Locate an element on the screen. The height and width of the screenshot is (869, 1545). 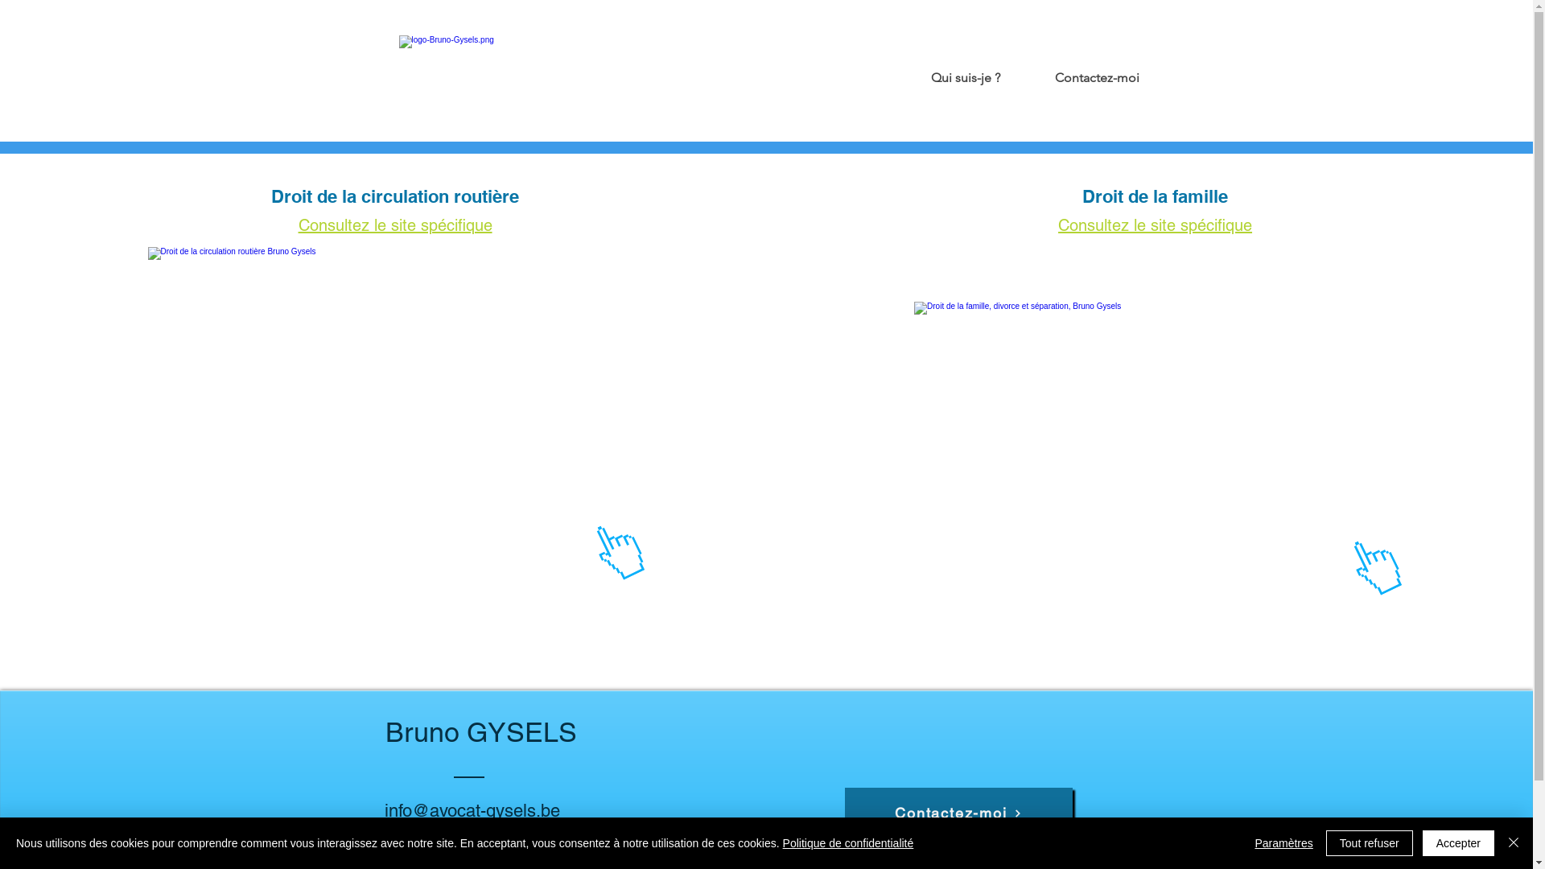
'Tout refuser' is located at coordinates (1325, 842).